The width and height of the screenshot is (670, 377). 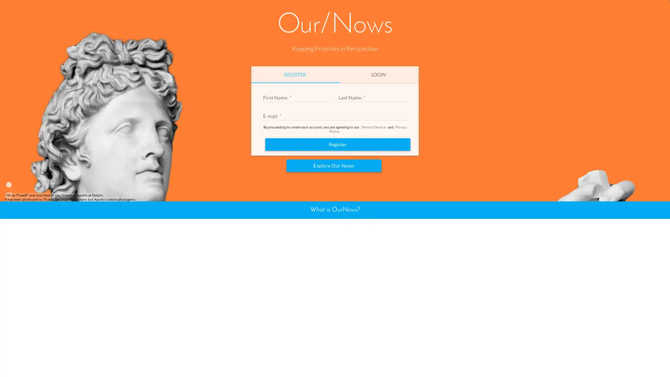 I want to click on Register, so click(x=338, y=223).